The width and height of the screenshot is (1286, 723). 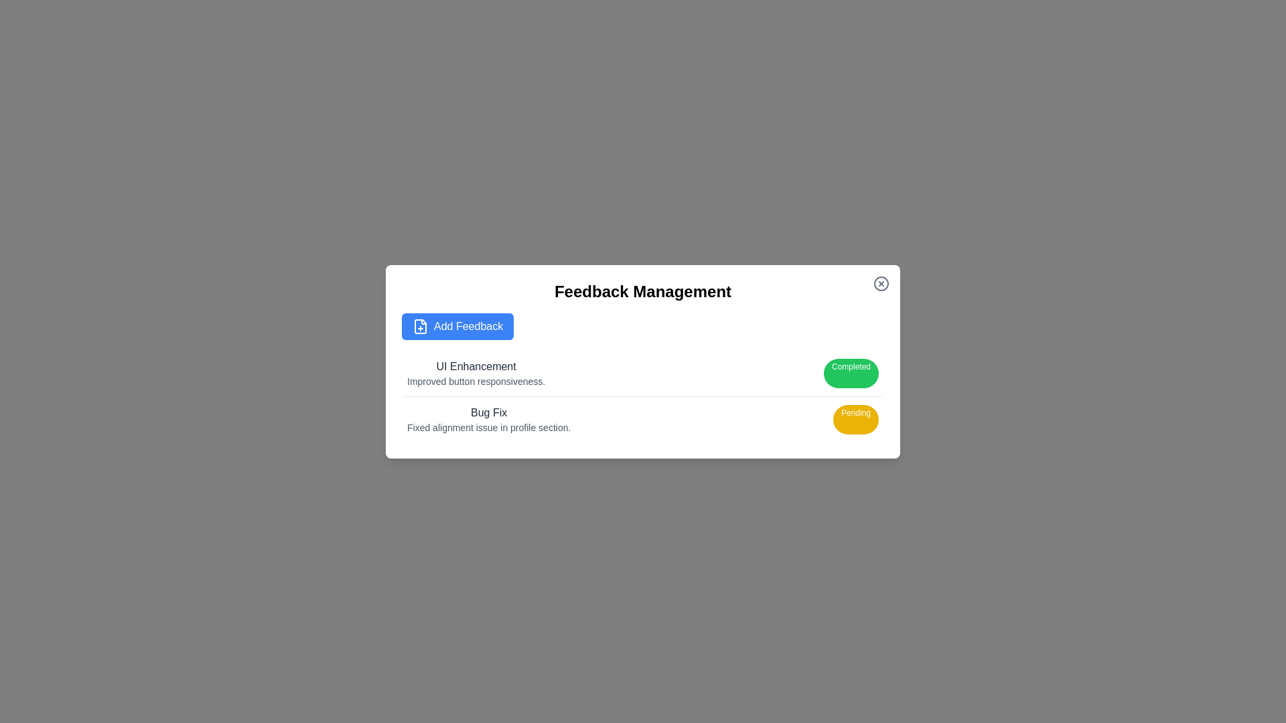 I want to click on the Text label that provides a descriptive text about the UI enhancement, located on the left side of the modal beneath the 'UI Enhancement' section header and above the 'Bug Fix' section, so click(x=476, y=381).